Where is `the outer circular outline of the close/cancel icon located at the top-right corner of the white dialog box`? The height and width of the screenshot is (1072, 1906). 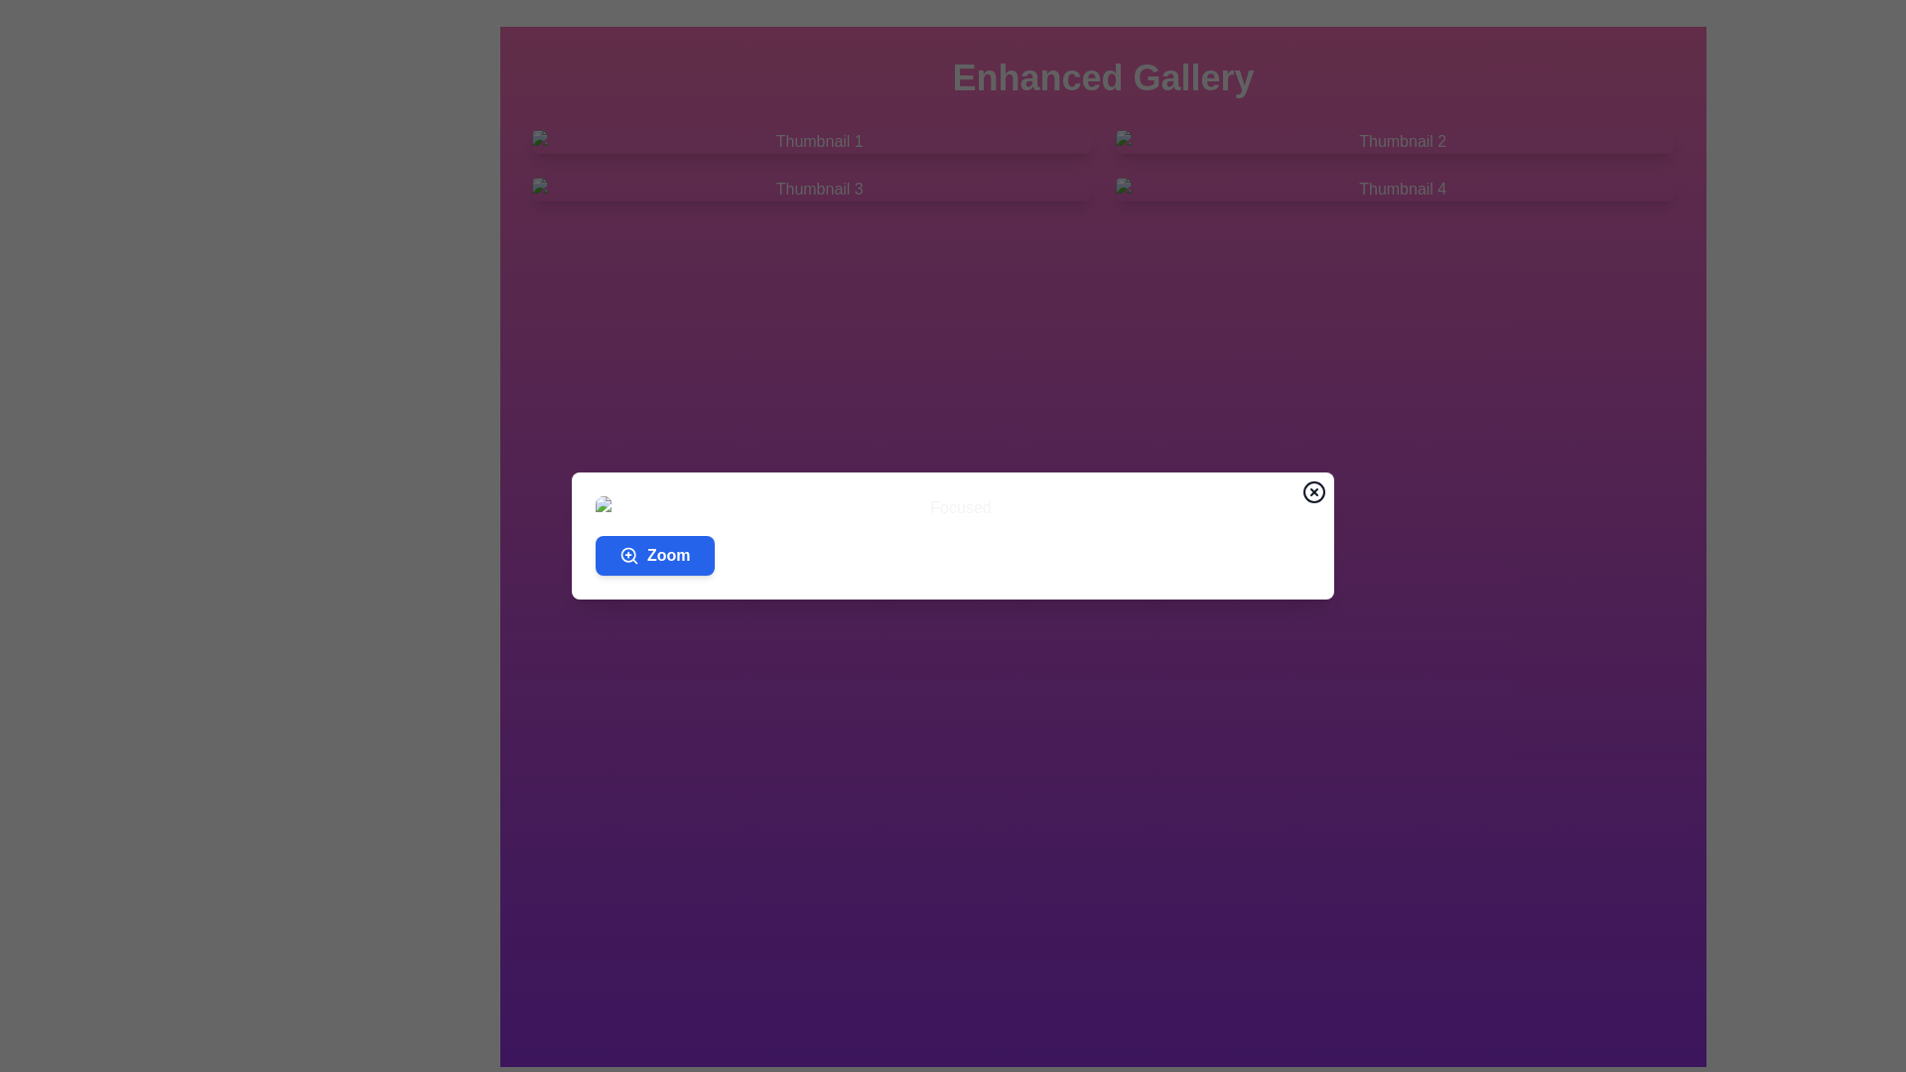
the outer circular outline of the close/cancel icon located at the top-right corner of the white dialog box is located at coordinates (1314, 491).